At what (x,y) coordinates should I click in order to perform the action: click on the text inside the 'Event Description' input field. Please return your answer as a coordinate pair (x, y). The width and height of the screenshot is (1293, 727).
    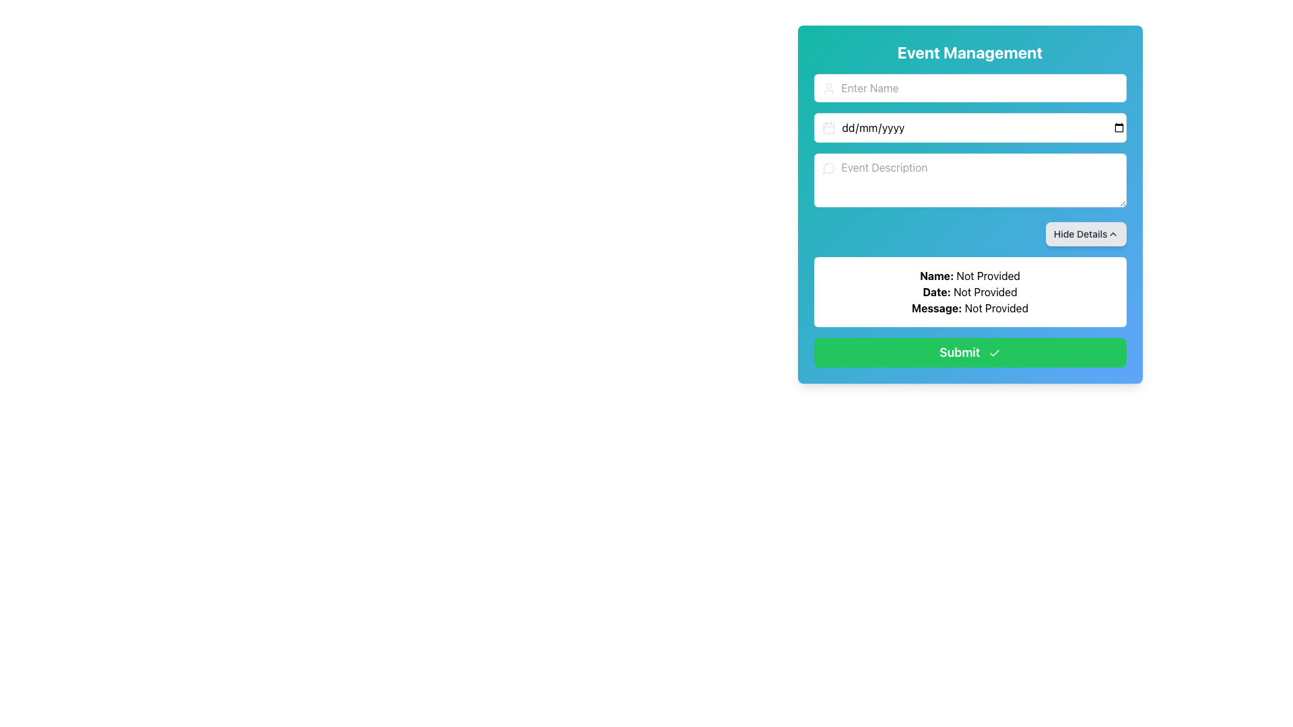
    Looking at the image, I should click on (970, 182).